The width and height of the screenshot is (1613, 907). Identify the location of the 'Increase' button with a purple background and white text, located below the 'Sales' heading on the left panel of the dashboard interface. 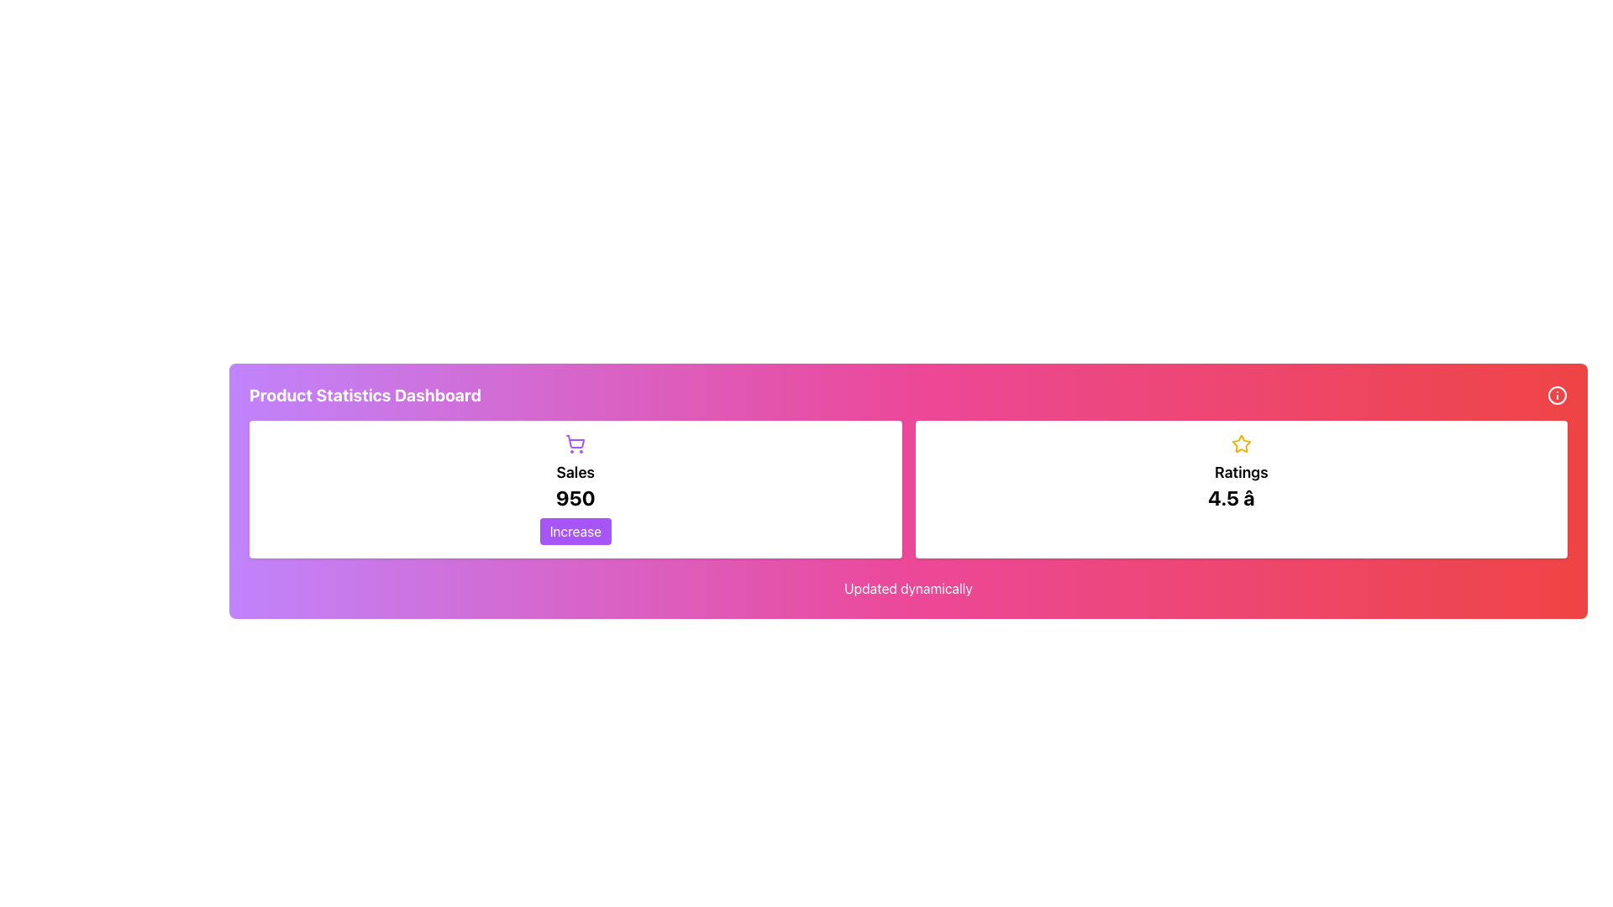
(575, 531).